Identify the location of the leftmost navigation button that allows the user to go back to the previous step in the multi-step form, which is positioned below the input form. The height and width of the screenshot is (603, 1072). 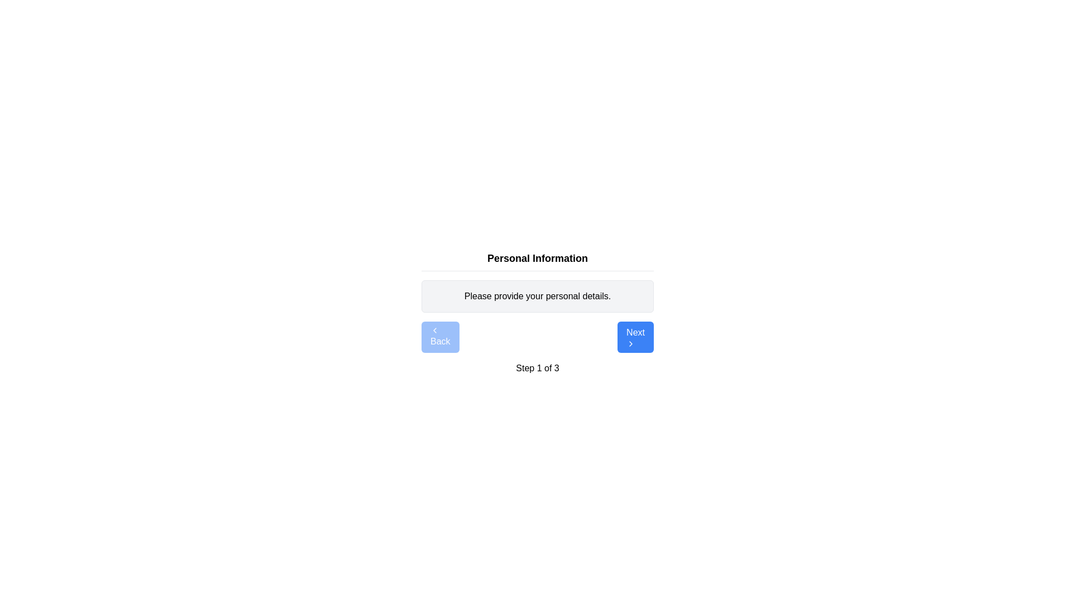
(439, 337).